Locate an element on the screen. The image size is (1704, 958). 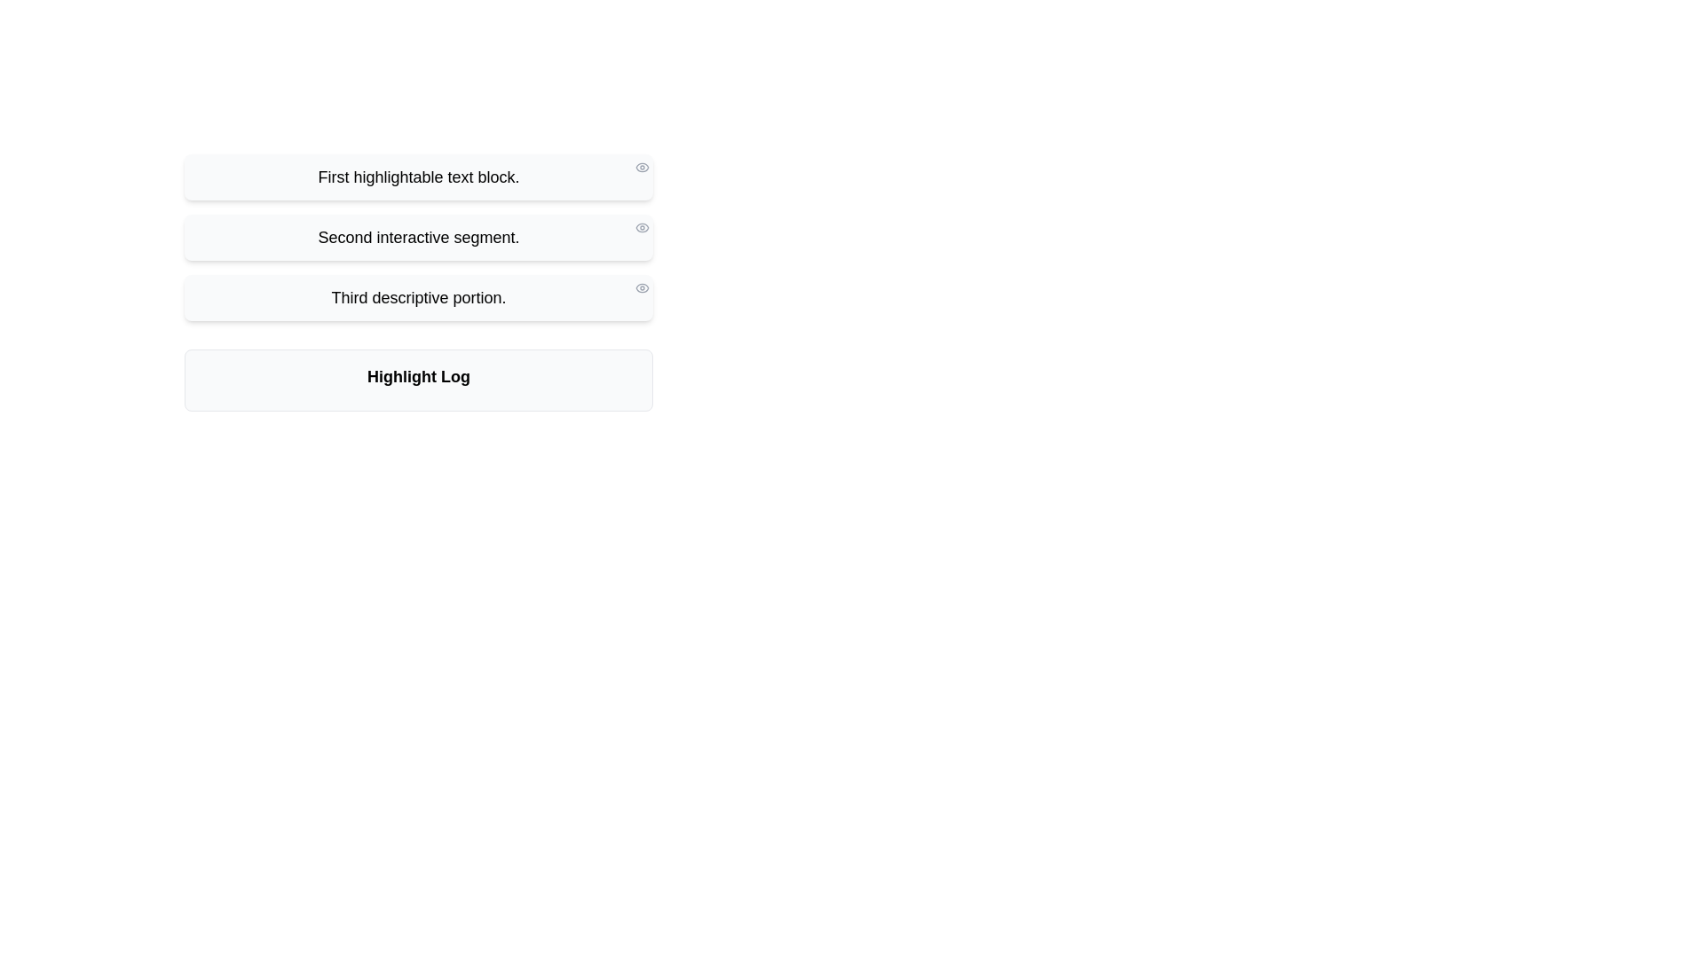
the visibility toggle icon located on the upper-right corner of the second interactive segment is located at coordinates (642, 227).